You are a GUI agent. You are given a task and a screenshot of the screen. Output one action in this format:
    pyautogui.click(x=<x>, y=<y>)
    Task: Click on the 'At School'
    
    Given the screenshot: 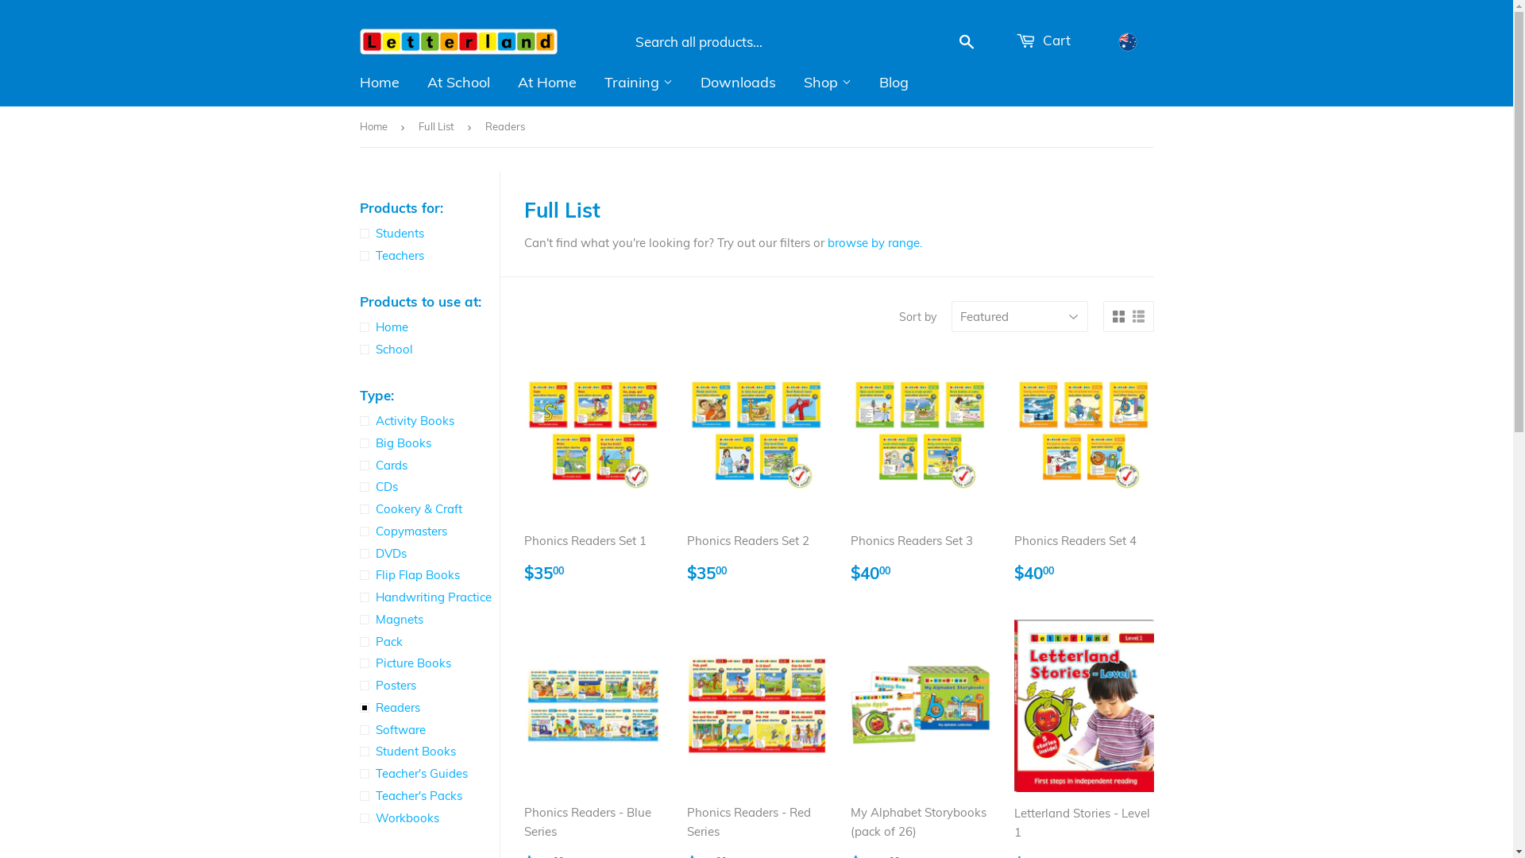 What is the action you would take?
    pyautogui.click(x=457, y=83)
    